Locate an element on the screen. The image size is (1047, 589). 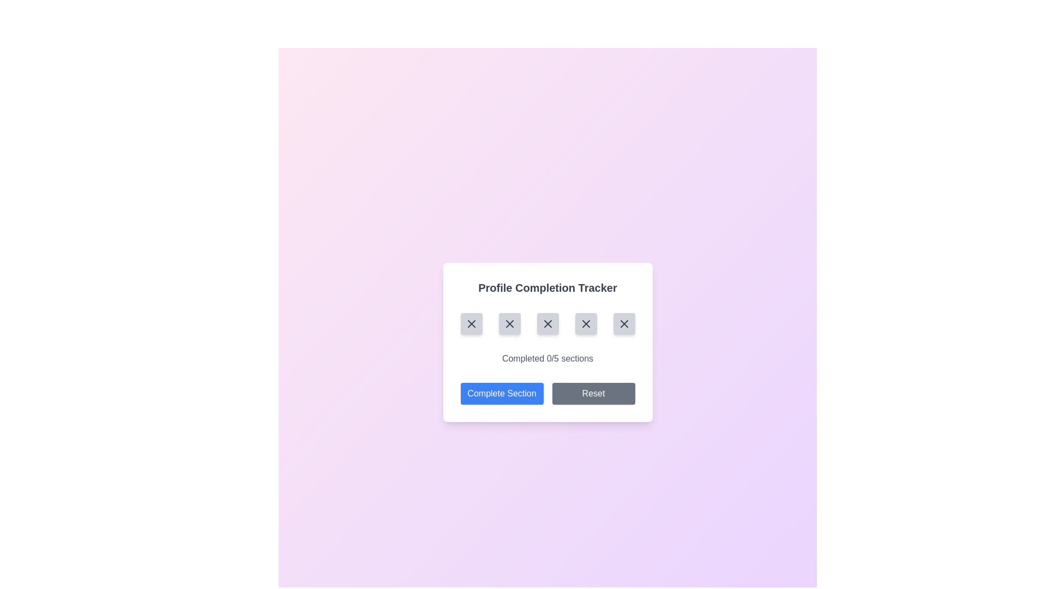
the leftmost icon button in the 'Profile Completion Tracker' section, which represents an incomplete step in the progress tracker is located at coordinates (471, 323).